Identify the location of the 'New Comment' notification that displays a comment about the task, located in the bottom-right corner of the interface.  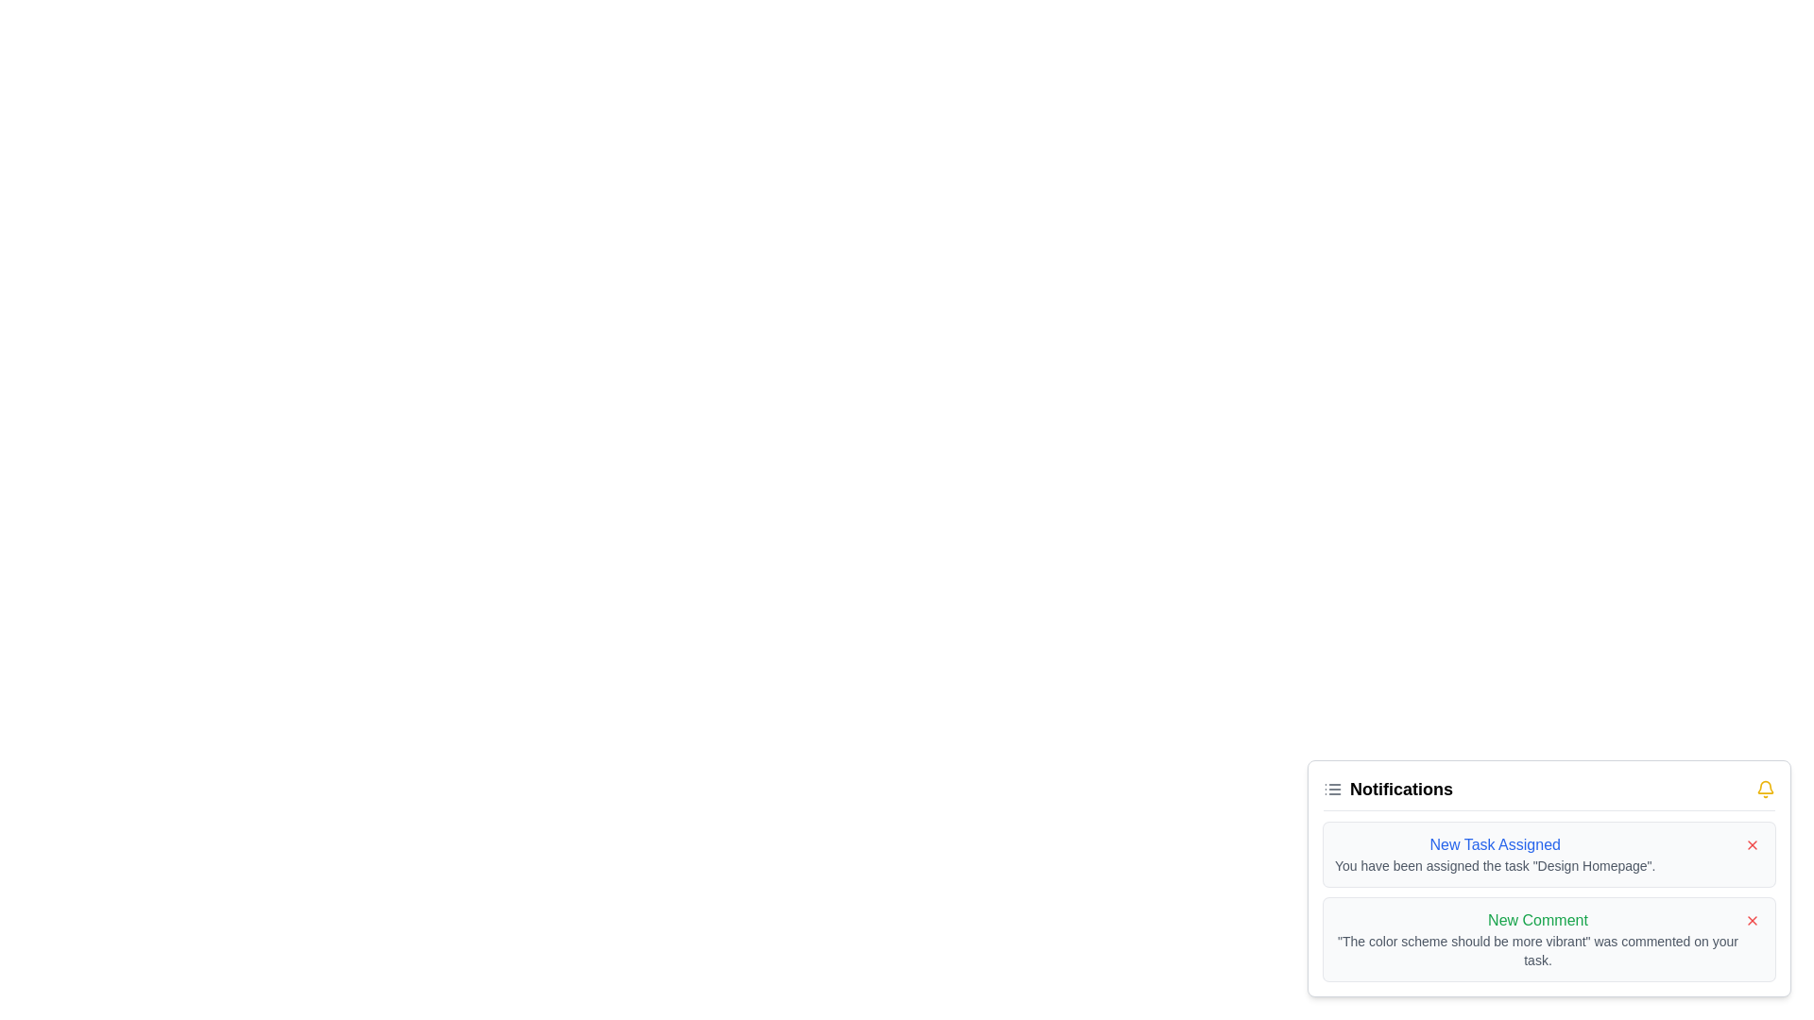
(1537, 940).